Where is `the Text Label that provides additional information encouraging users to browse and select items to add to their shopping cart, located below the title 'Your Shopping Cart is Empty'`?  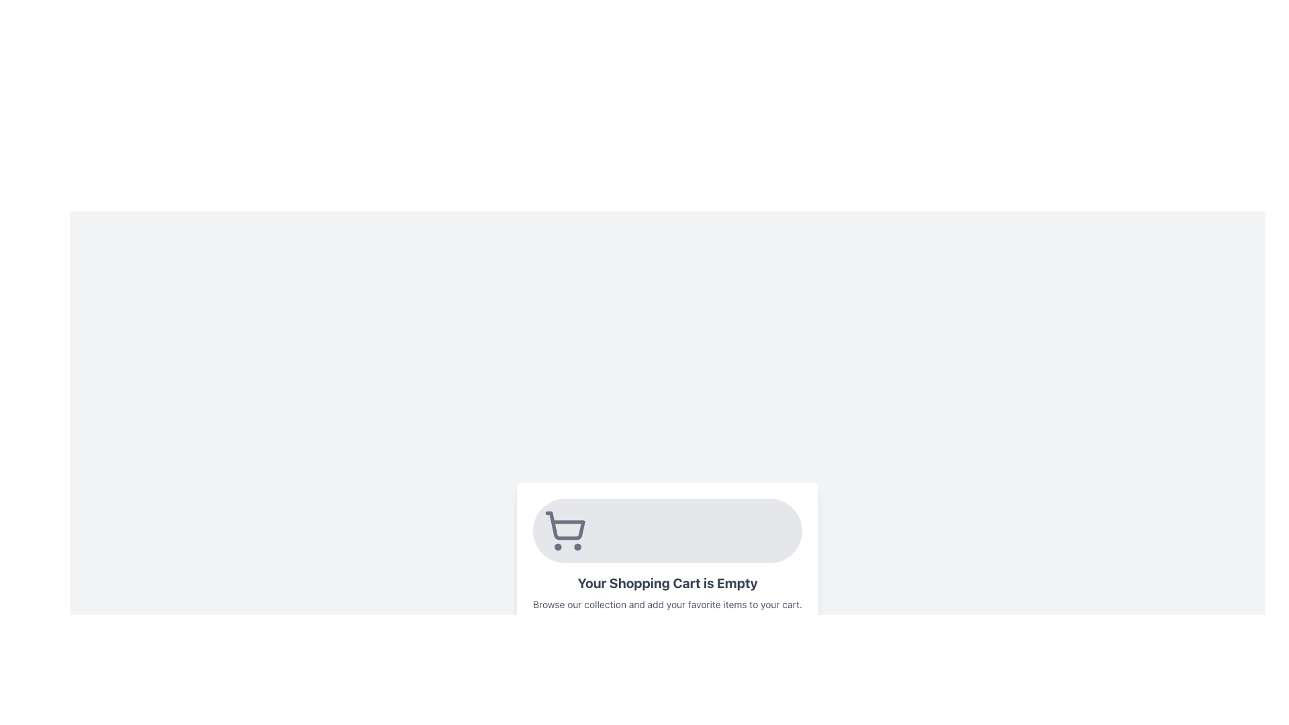
the Text Label that provides additional information encouraging users to browse and select items to add to their shopping cart, located below the title 'Your Shopping Cart is Empty' is located at coordinates (667, 605).